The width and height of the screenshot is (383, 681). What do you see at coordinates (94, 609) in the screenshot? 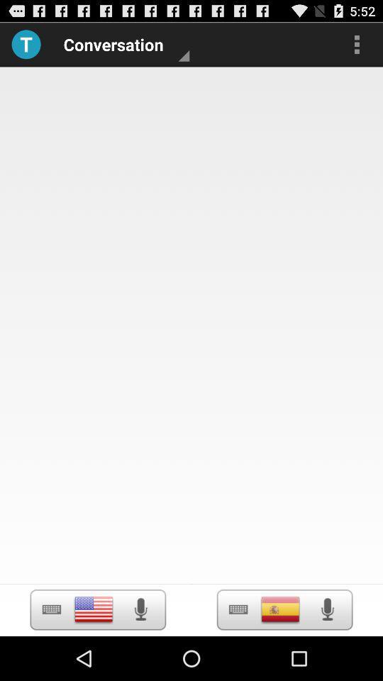
I see `input language option` at bounding box center [94, 609].